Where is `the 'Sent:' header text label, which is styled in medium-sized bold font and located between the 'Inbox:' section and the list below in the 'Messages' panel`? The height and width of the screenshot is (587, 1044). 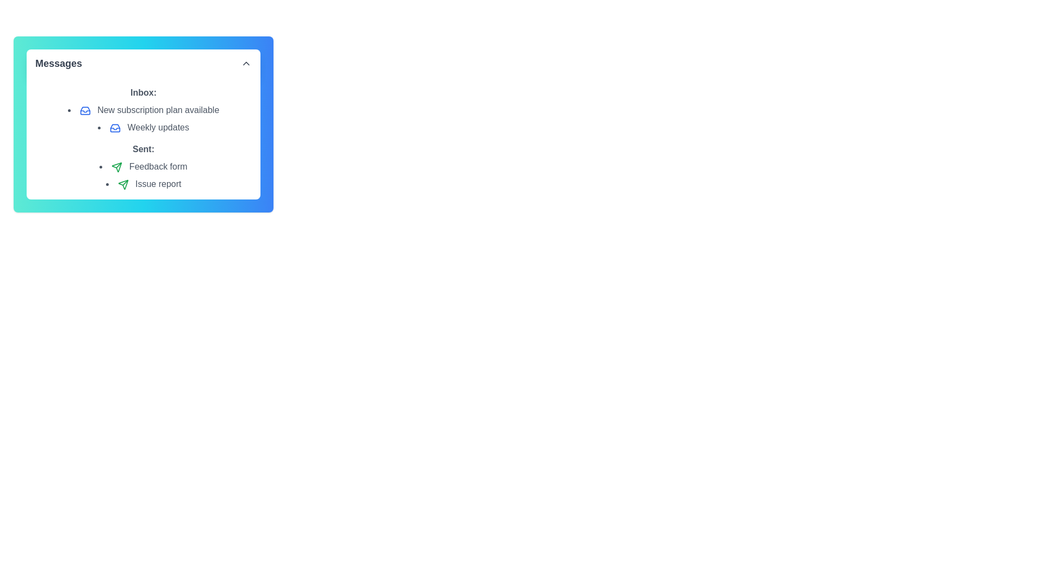 the 'Sent:' header text label, which is styled in medium-sized bold font and located between the 'Inbox:' section and the list below in the 'Messages' panel is located at coordinates (143, 149).